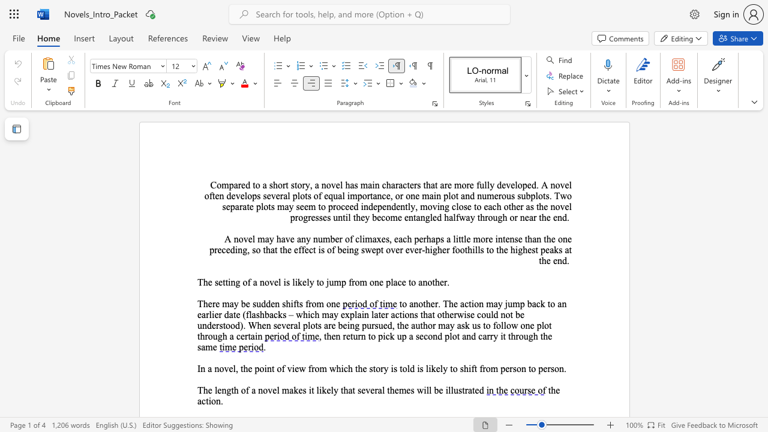  I want to click on the subset text "themes will" within the text "The length of a novel makes it likely that several themes will be illustrated", so click(387, 390).